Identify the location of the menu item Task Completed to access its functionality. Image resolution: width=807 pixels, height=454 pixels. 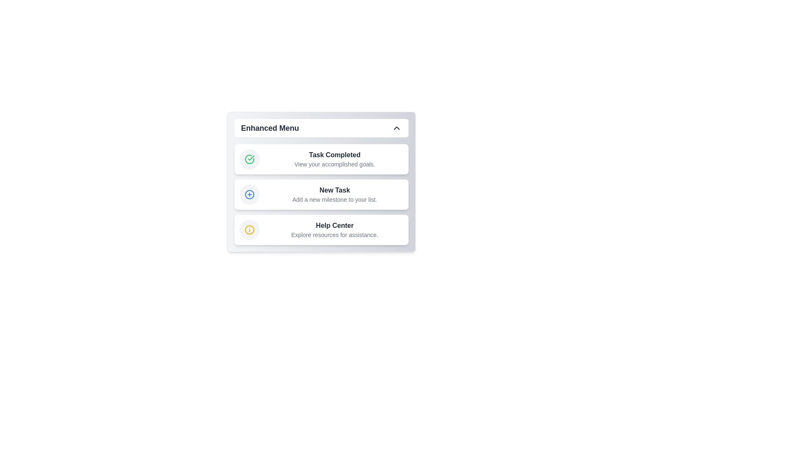
(321, 159).